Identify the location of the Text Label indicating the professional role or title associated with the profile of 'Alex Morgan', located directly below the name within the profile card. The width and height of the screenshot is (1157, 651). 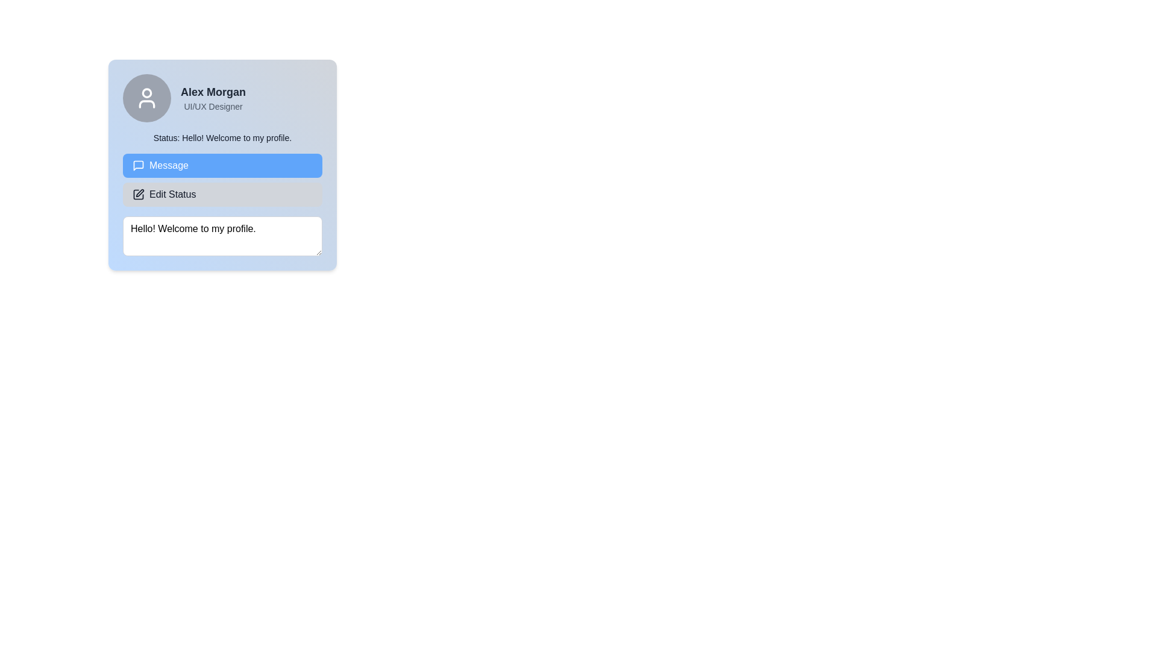
(213, 106).